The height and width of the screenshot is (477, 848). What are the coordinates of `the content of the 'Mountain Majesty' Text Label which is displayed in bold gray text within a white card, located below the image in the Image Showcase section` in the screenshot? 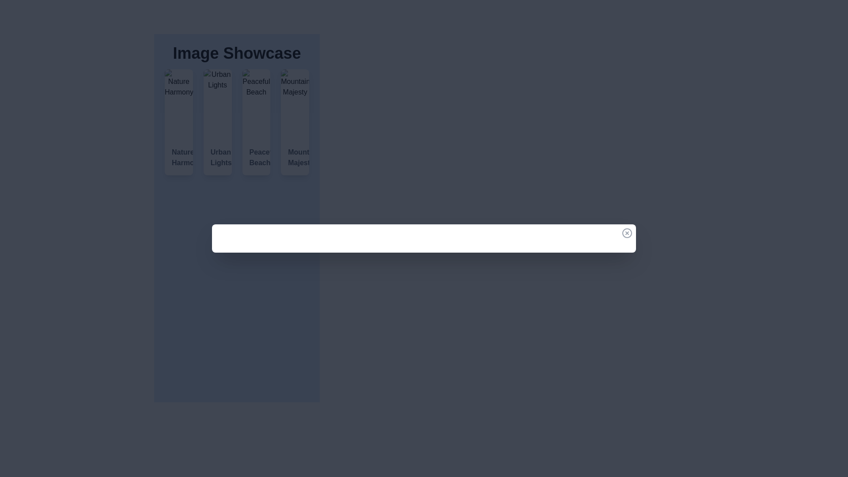 It's located at (295, 157).